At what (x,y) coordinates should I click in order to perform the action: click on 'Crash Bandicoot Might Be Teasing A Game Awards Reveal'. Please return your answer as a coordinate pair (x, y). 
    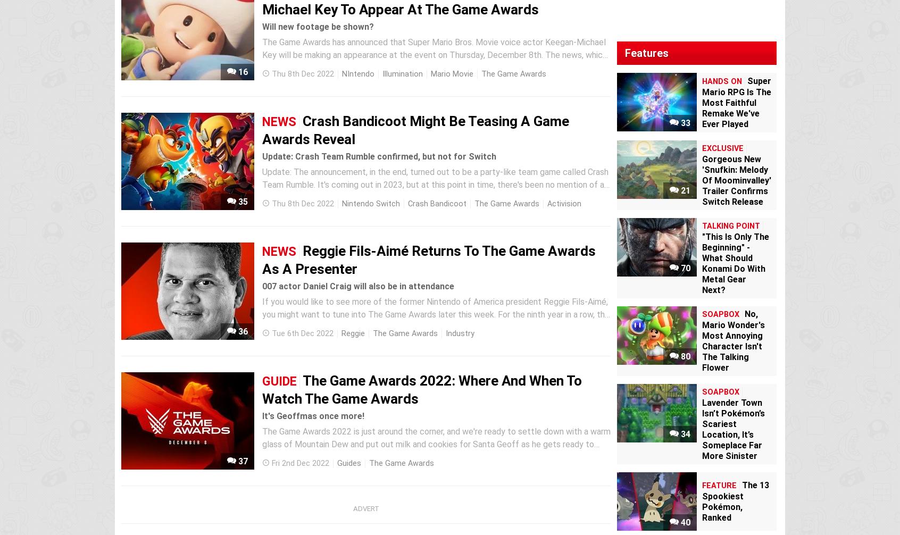
    Looking at the image, I should click on (415, 130).